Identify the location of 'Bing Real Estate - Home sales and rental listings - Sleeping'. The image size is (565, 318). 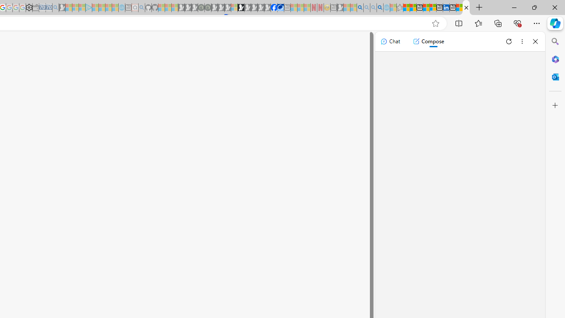
(55, 8).